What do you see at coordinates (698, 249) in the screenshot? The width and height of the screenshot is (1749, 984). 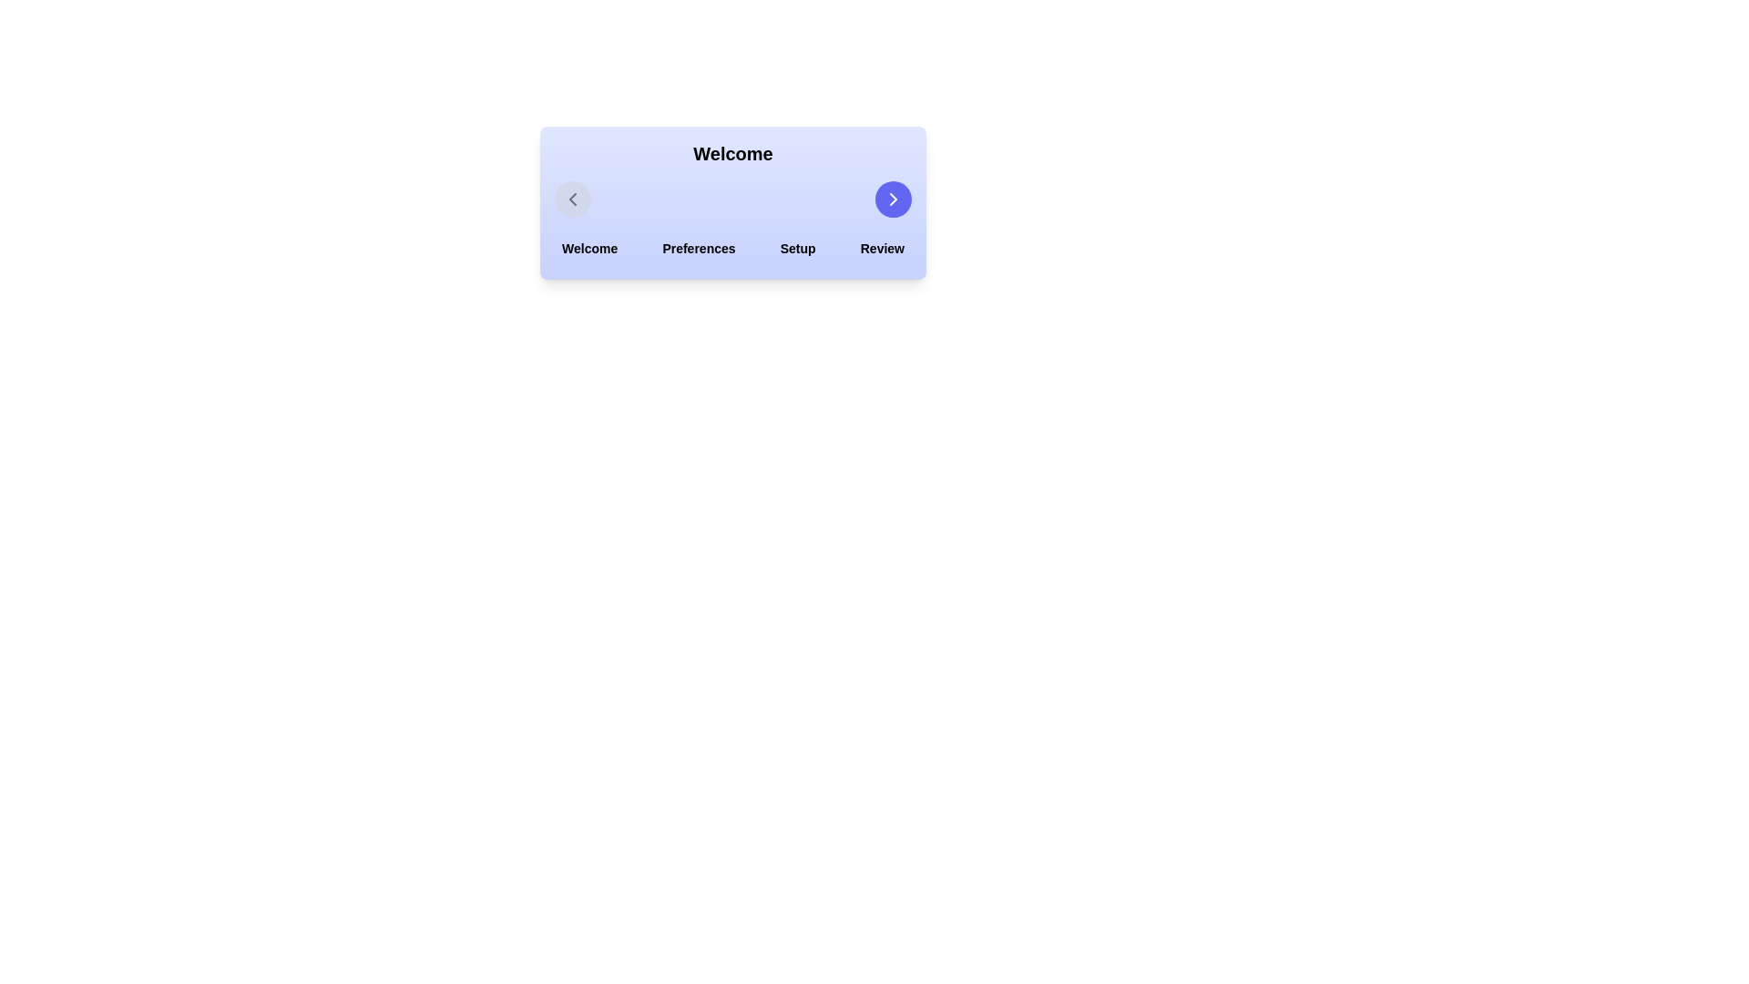 I see `the step labeled Preferences in the stepper component` at bounding box center [698, 249].